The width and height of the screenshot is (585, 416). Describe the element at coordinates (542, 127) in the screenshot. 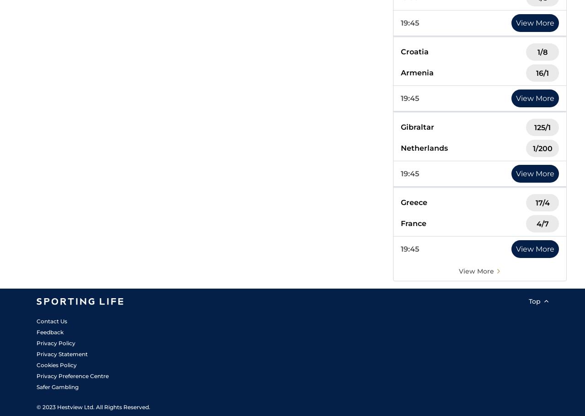

I see `'125/1'` at that location.